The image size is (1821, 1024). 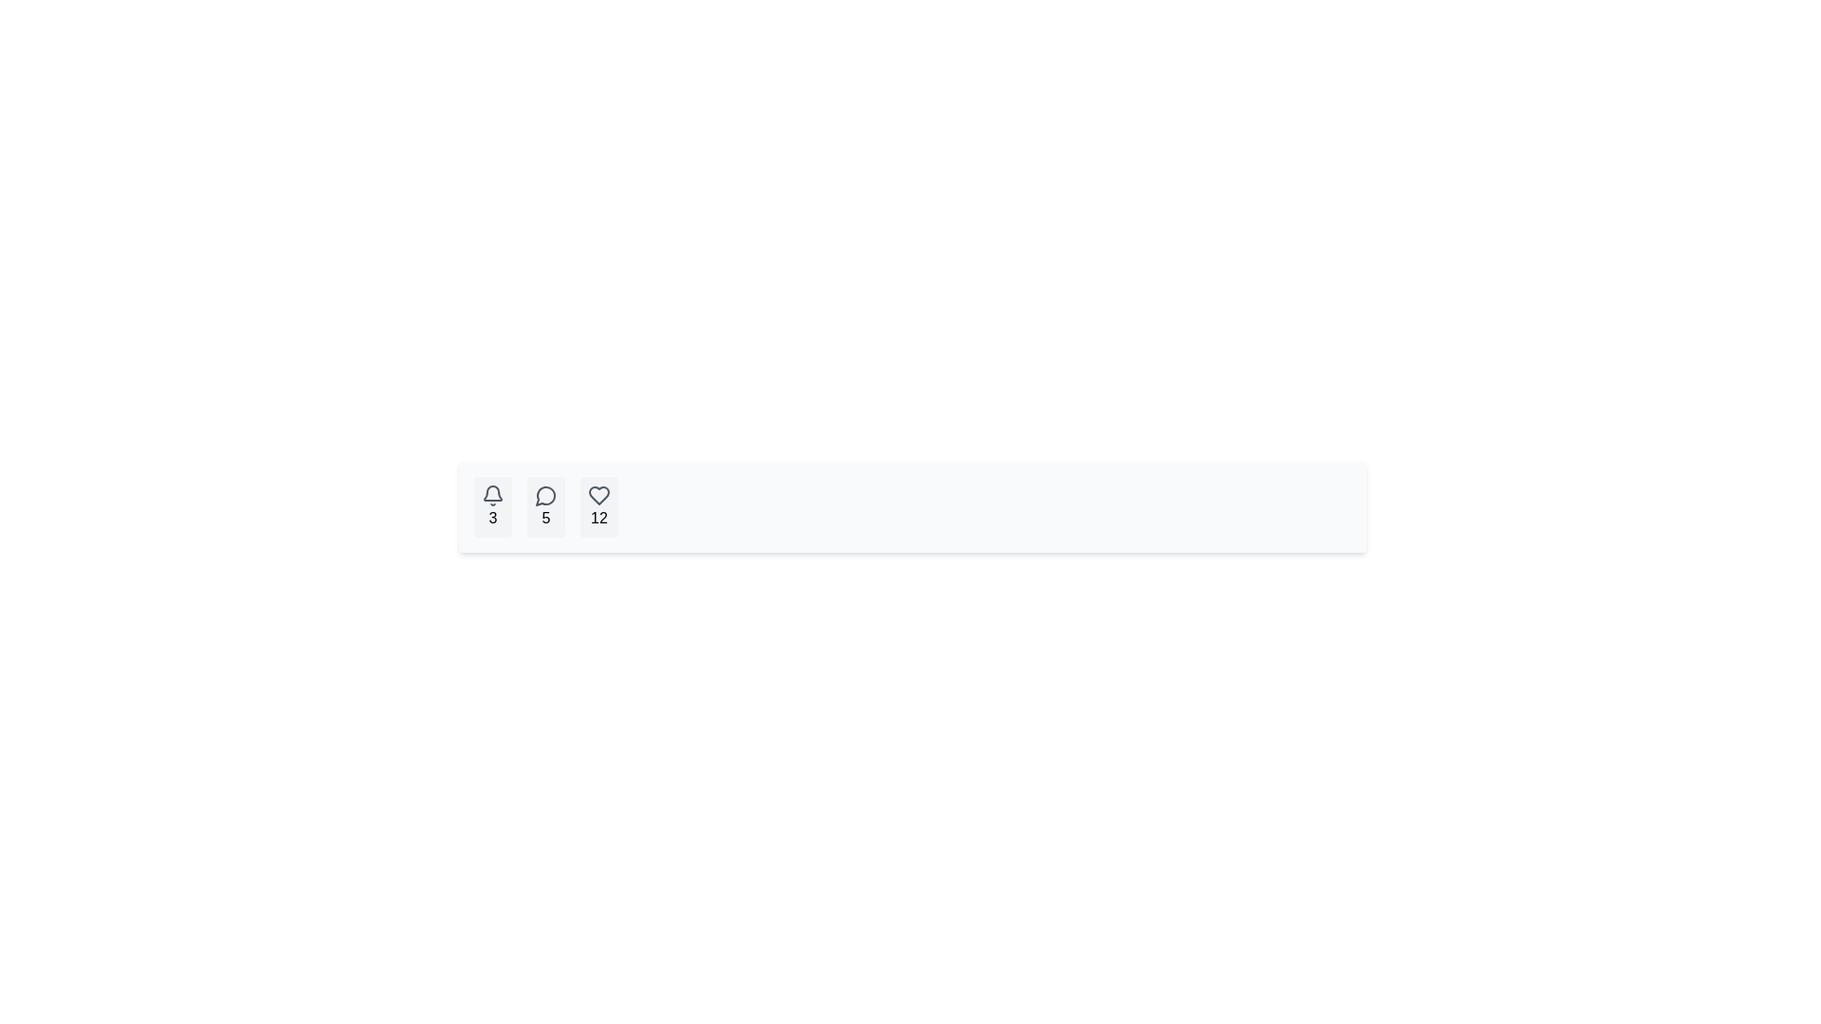 I want to click on the circular speech bubble icon outlined in gray, which is located between the bell icon with number '3' and the heart icon with number '12', so click(x=545, y=495).